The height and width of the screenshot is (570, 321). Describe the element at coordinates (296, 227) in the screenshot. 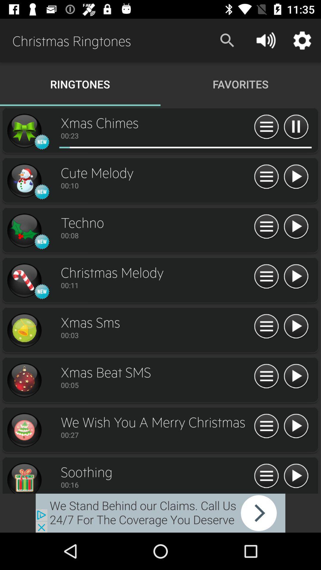

I see `option` at that location.